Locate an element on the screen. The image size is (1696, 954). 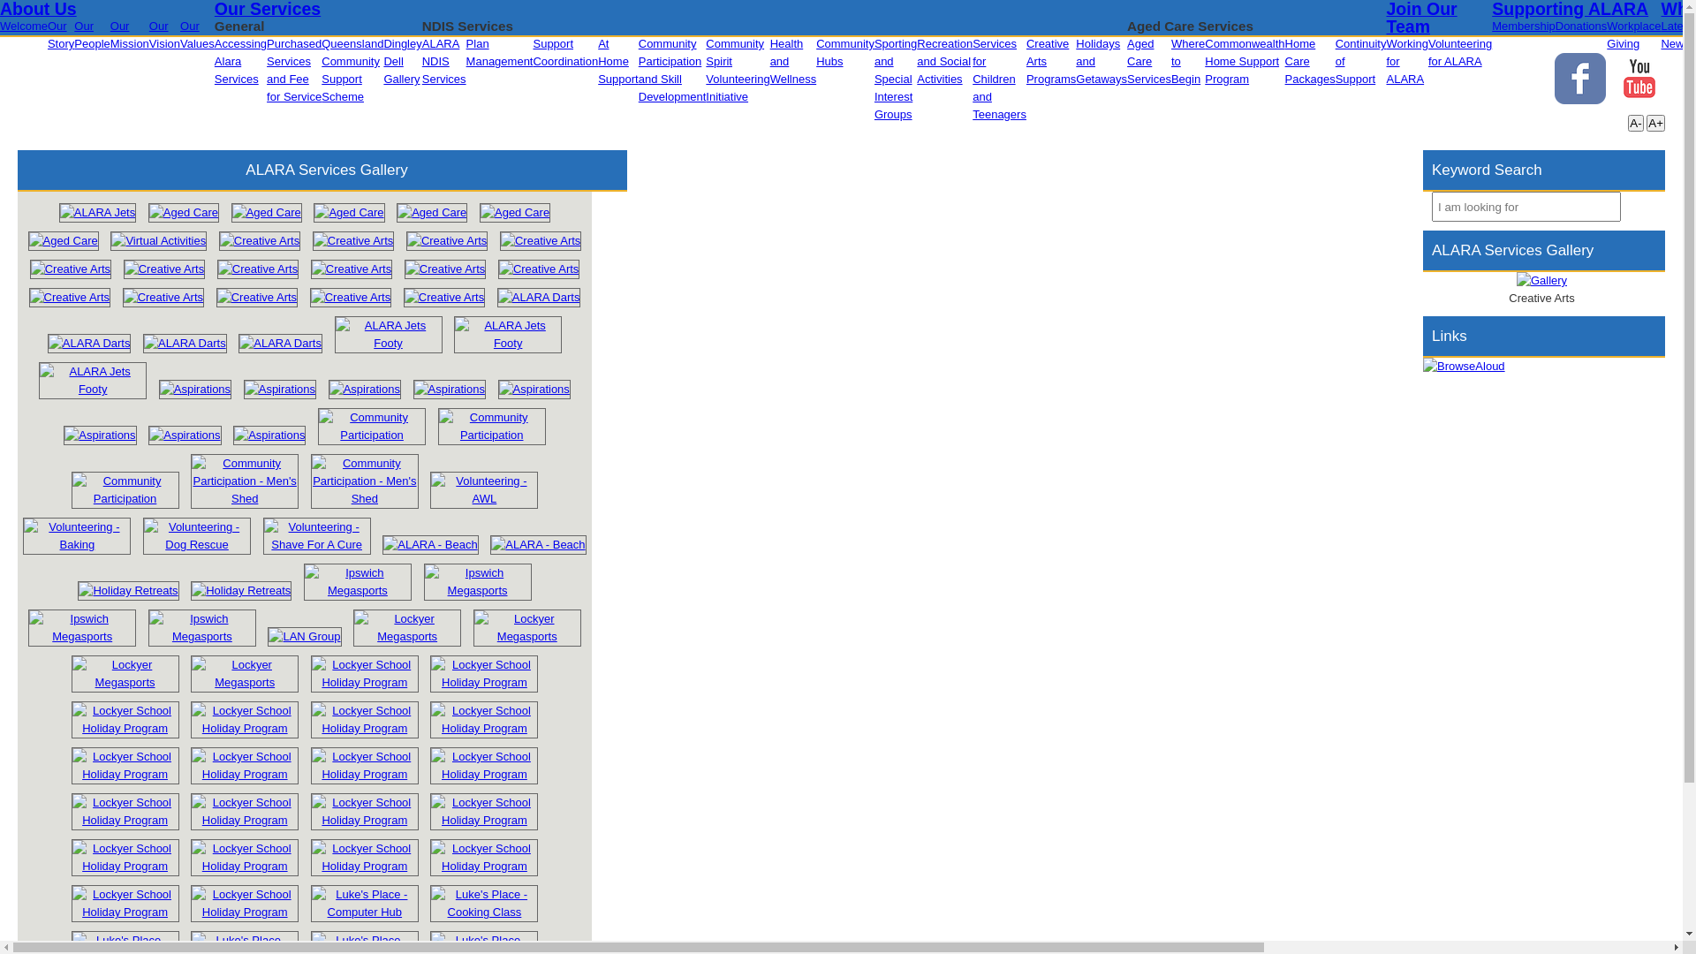
'Welcome' is located at coordinates (24, 26).